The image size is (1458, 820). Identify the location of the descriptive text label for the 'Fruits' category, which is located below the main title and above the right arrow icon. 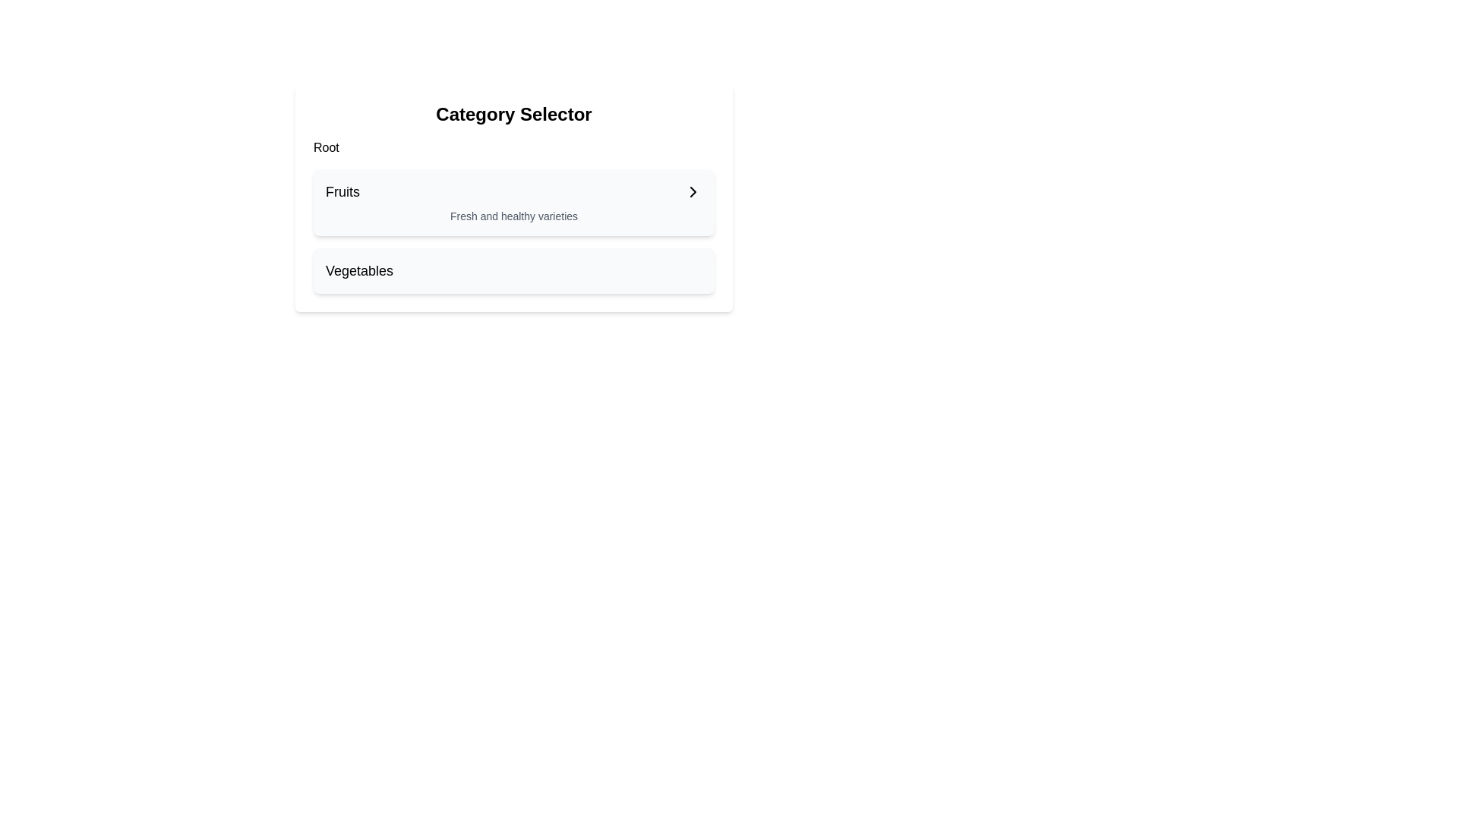
(513, 216).